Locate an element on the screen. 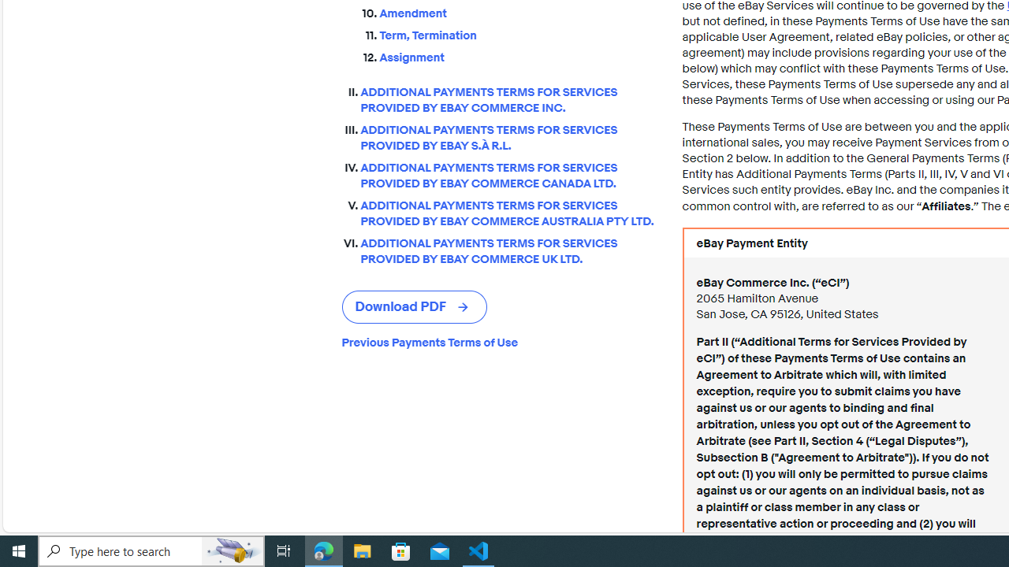 The image size is (1009, 567). 'Term, Termination' is located at coordinates (518, 32).